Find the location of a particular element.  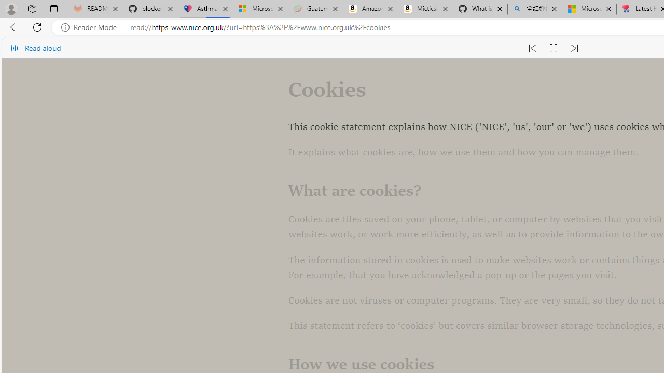

'Asthma Inhalers: Names and Types' is located at coordinates (205, 9).